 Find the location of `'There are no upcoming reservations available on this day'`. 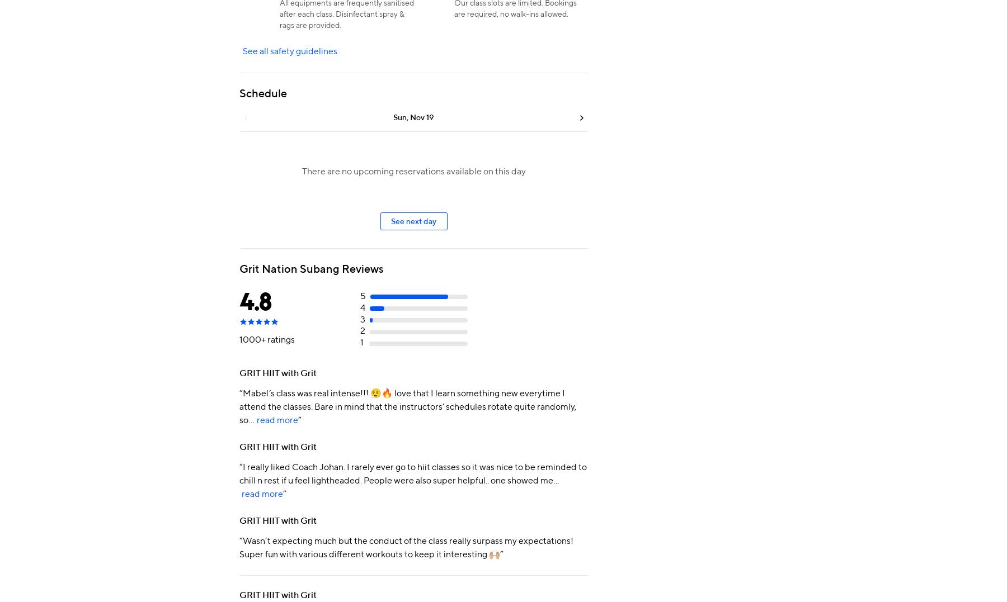

'There are no upcoming reservations available on this day' is located at coordinates (413, 172).